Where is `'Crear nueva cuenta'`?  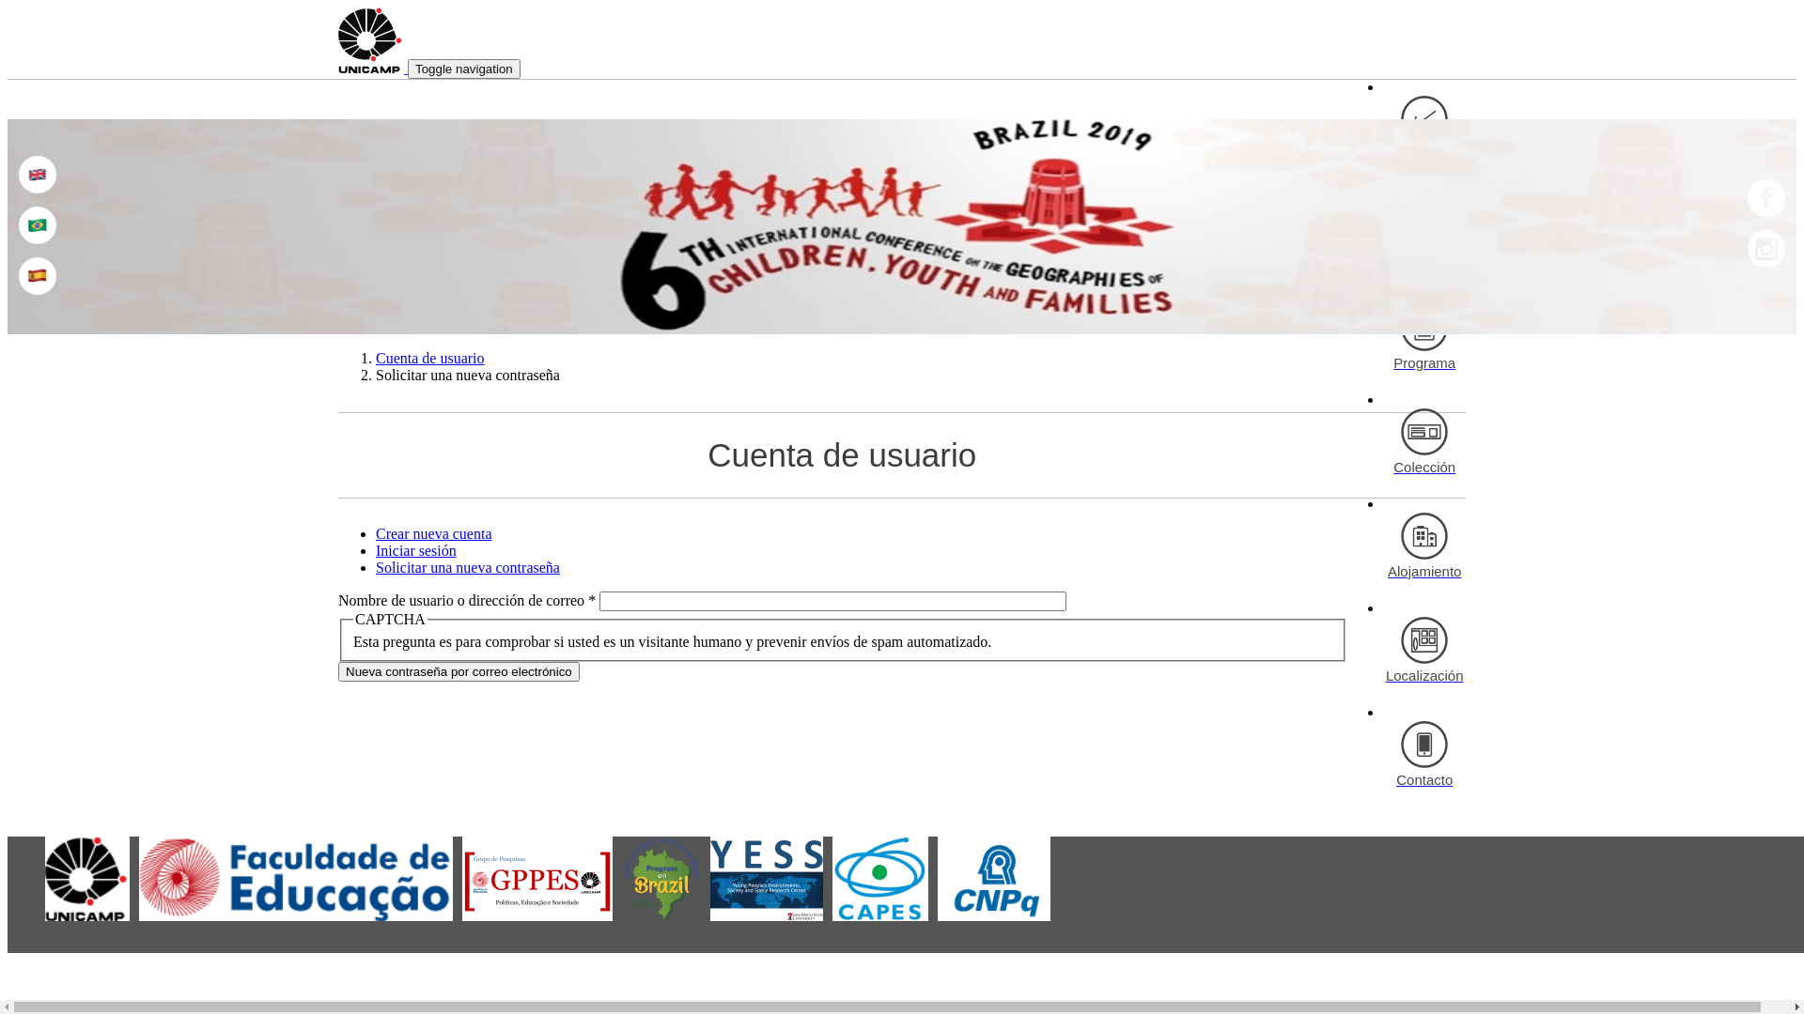
'Crear nueva cuenta' is located at coordinates (432, 533).